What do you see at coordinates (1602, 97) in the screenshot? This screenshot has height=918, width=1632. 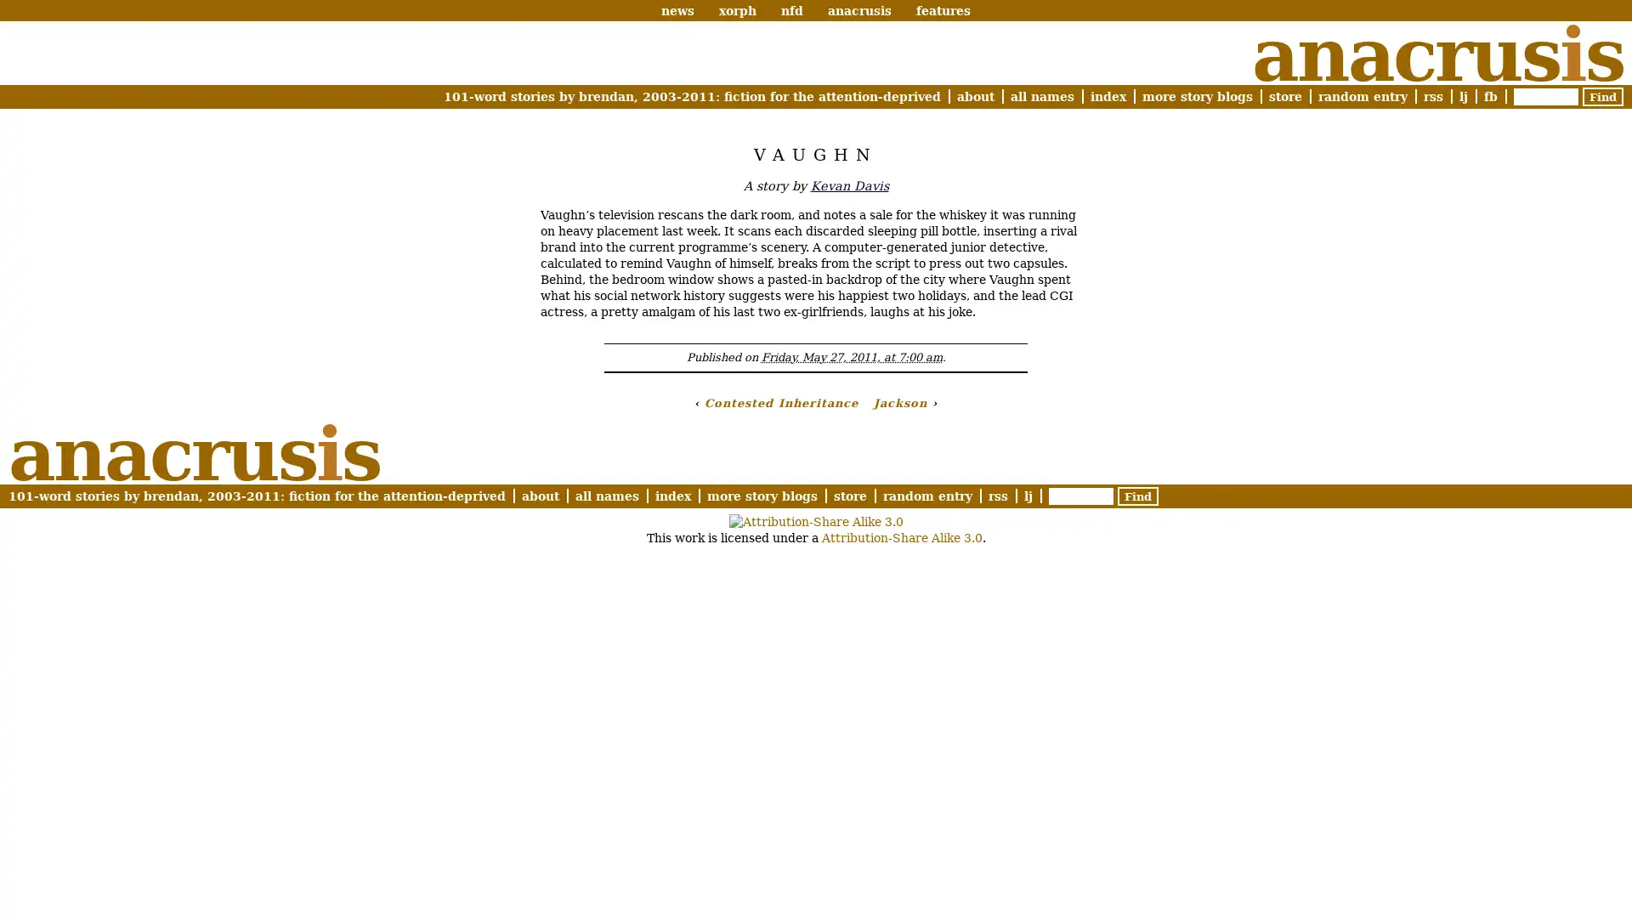 I see `Find` at bounding box center [1602, 97].